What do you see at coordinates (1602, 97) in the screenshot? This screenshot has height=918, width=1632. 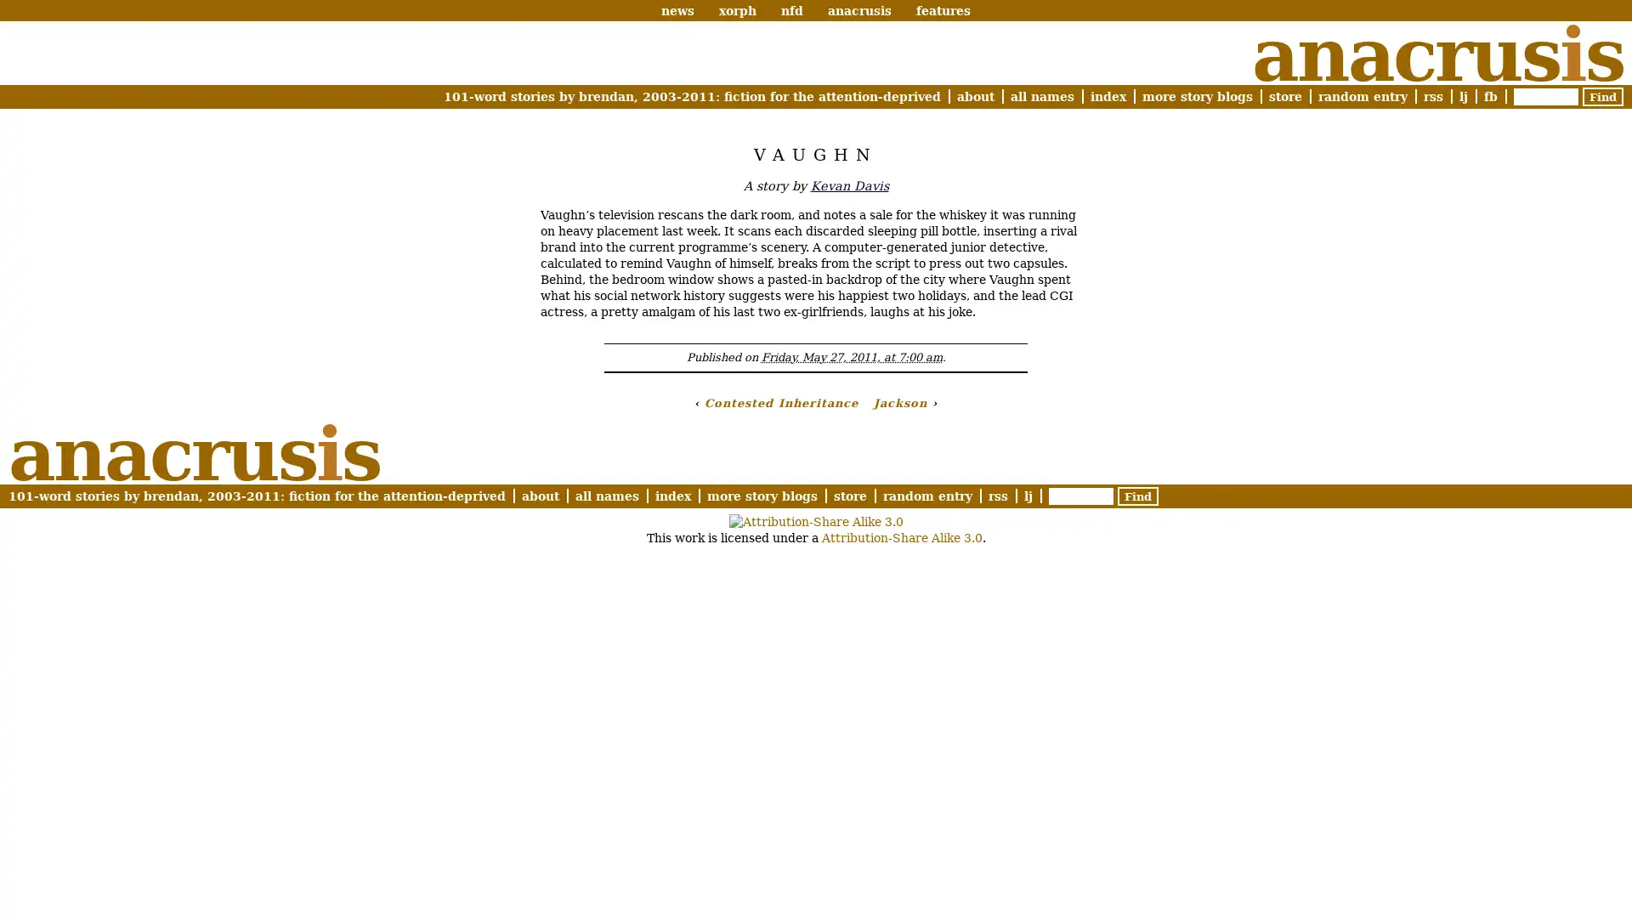 I see `Find` at bounding box center [1602, 97].